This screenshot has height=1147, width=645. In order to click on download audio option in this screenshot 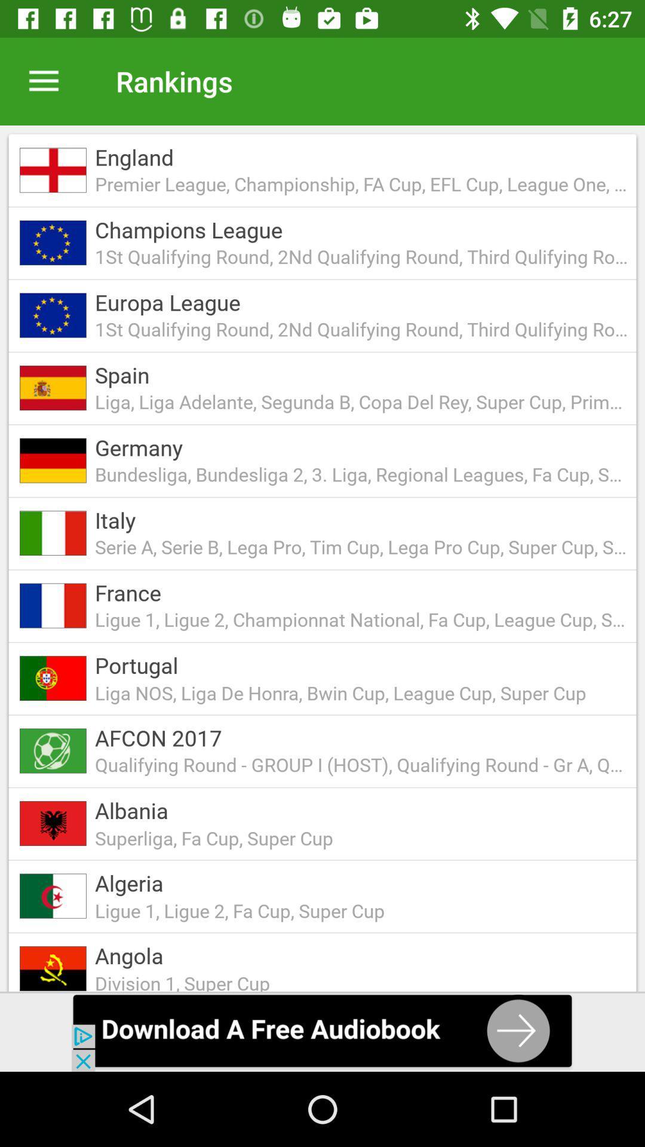, I will do `click(322, 1032)`.